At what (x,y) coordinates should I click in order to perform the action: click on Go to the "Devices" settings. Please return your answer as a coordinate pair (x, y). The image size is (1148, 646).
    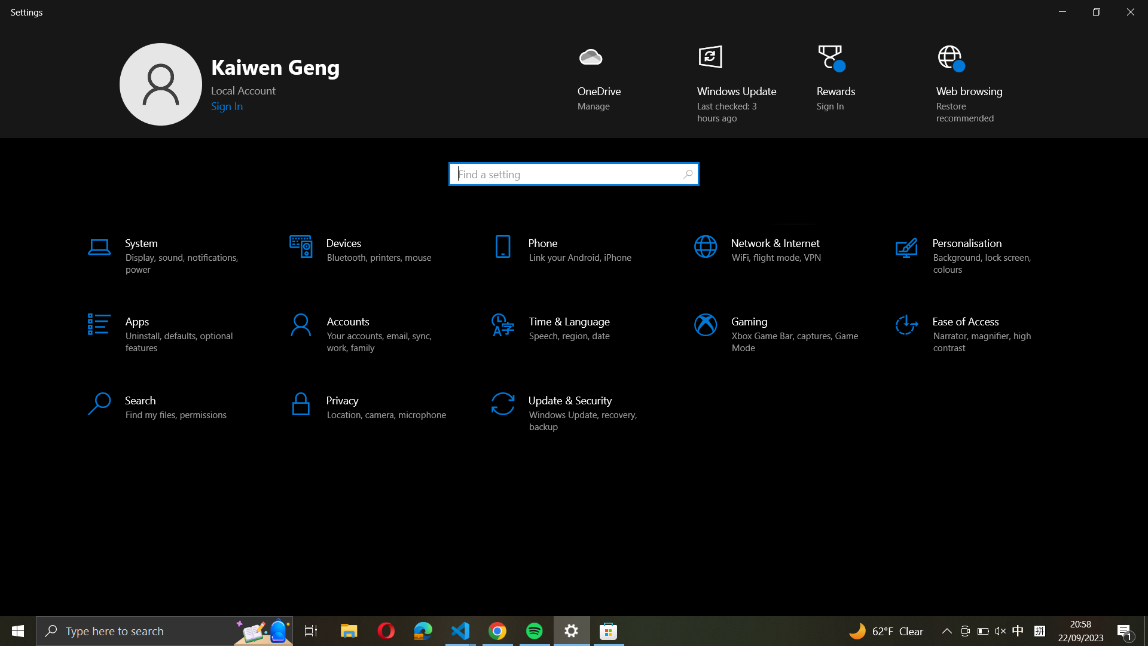
    Looking at the image, I should click on (370, 256).